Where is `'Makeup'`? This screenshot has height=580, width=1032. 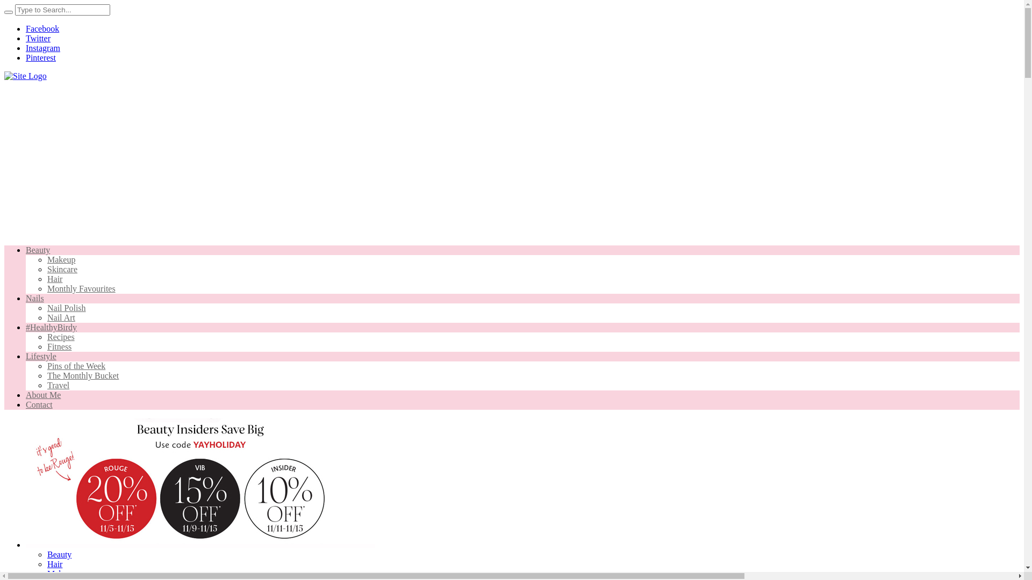
'Makeup' is located at coordinates (46, 259).